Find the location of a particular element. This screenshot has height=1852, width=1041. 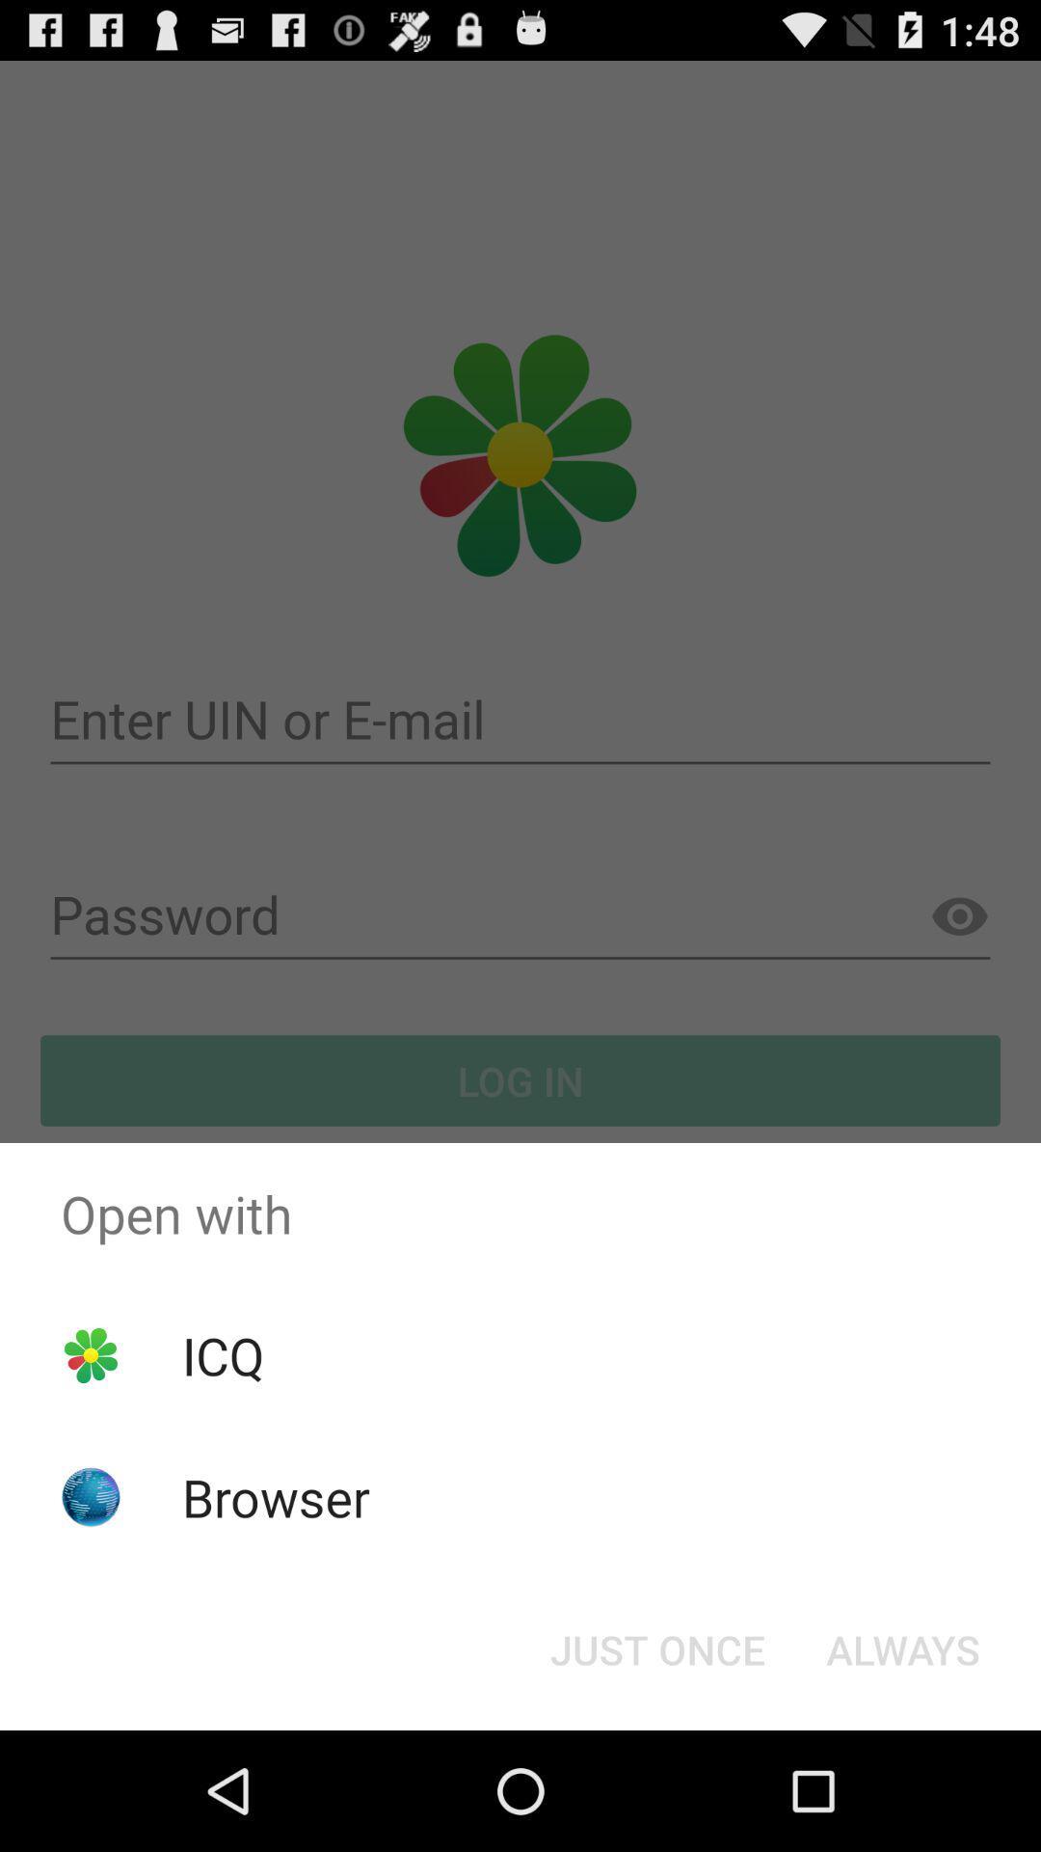

item below open with icon is located at coordinates (656, 1648).